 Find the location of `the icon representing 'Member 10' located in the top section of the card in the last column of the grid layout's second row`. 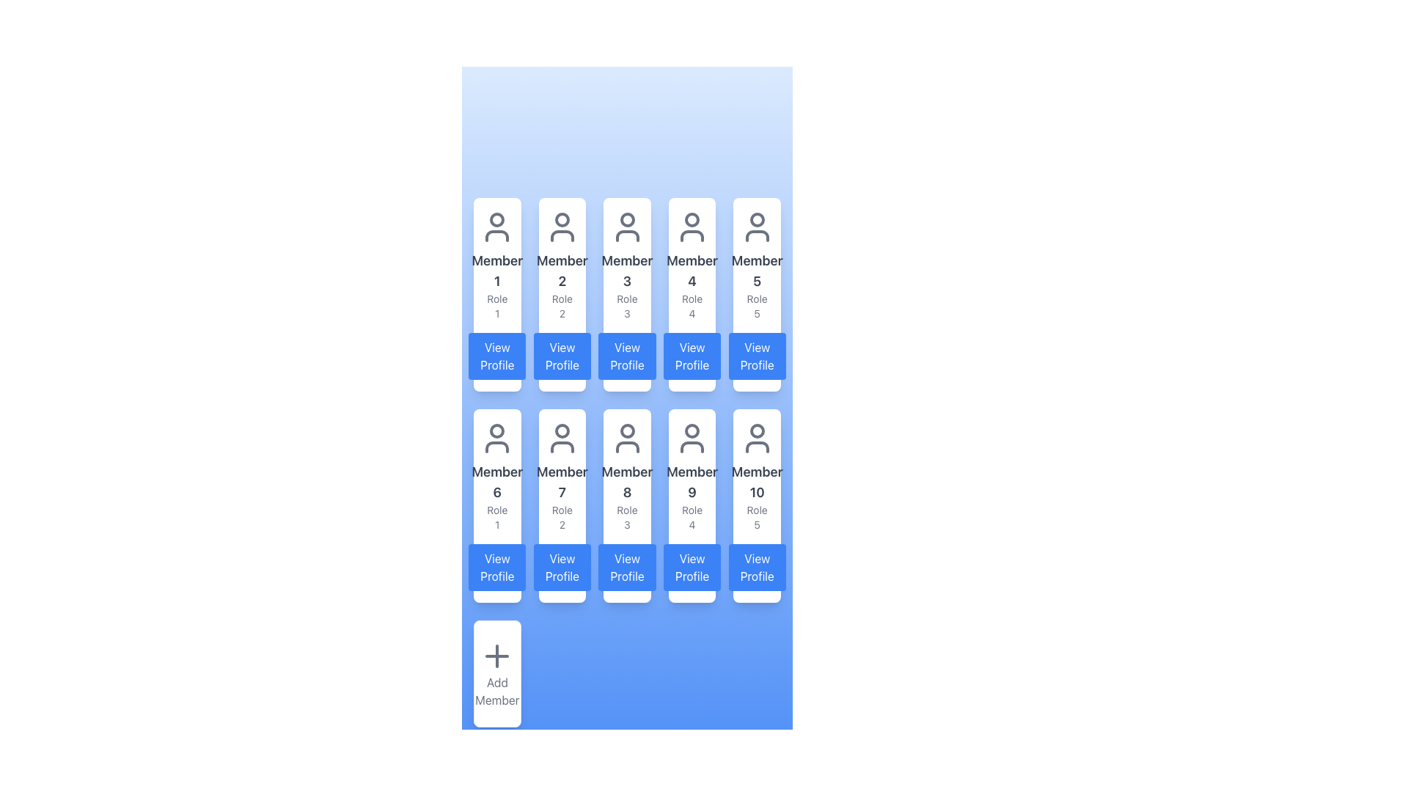

the icon representing 'Member 10' located in the top section of the card in the last column of the grid layout's second row is located at coordinates (757, 437).